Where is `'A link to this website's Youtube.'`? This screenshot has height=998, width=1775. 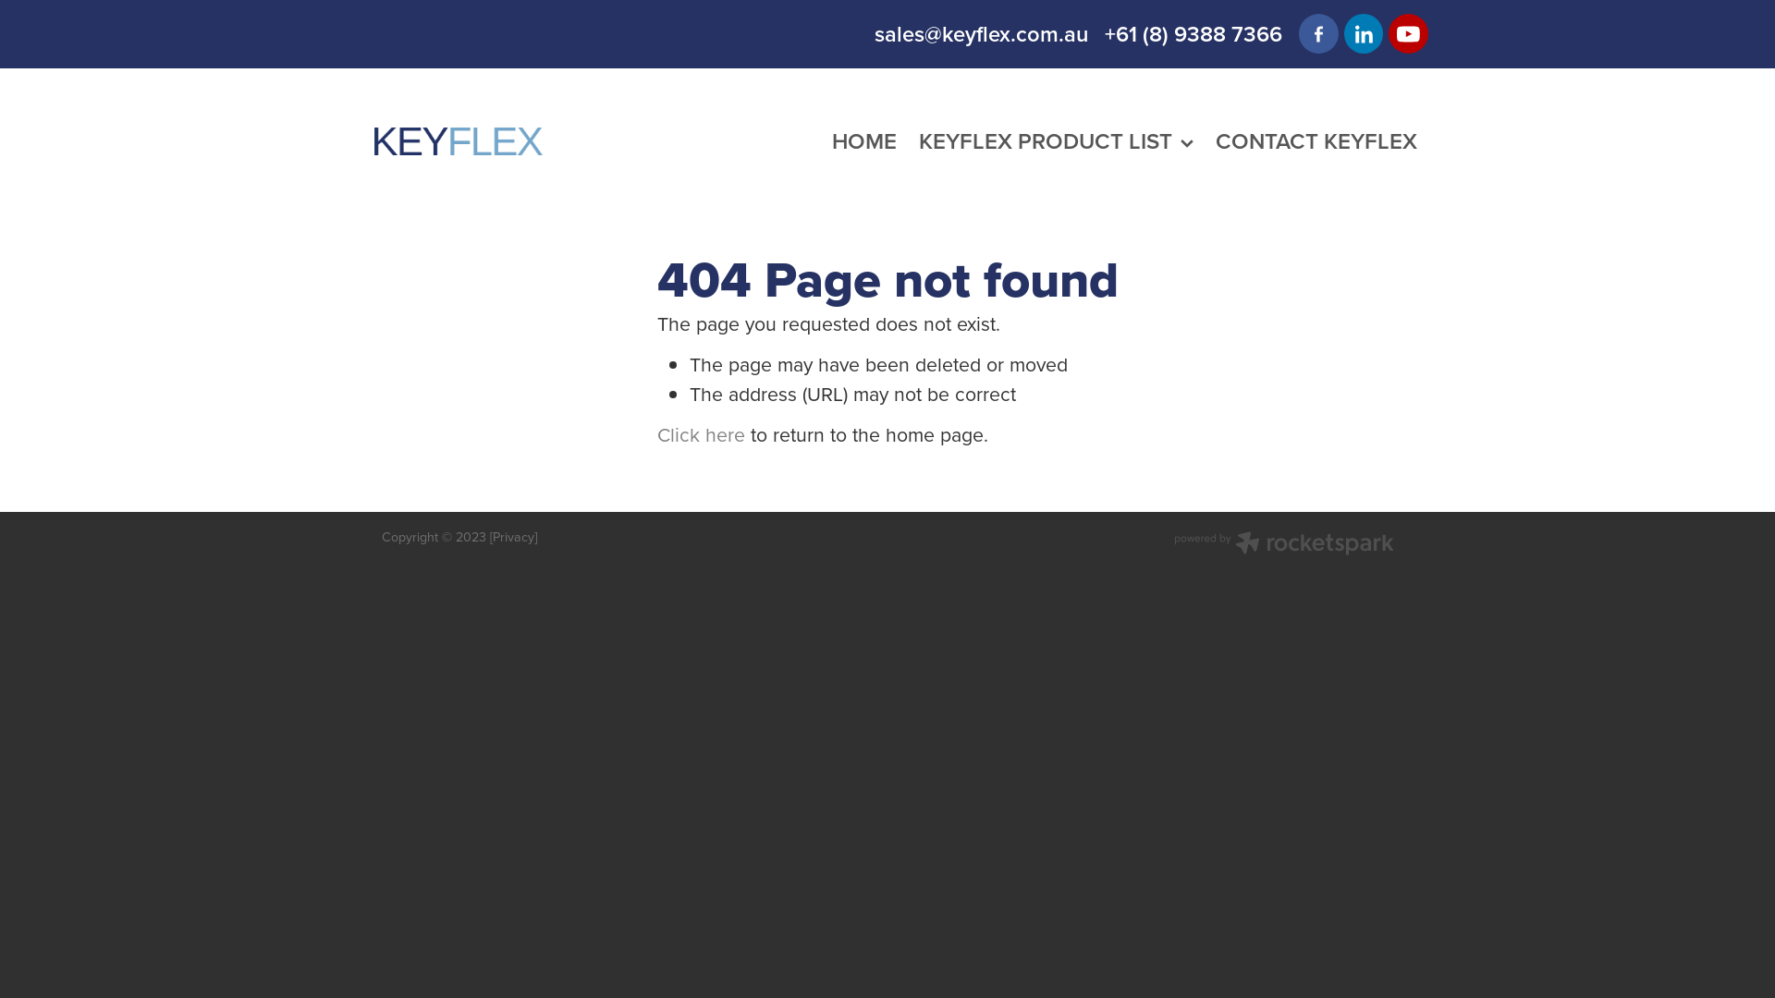 'A link to this website's Youtube.' is located at coordinates (1407, 33).